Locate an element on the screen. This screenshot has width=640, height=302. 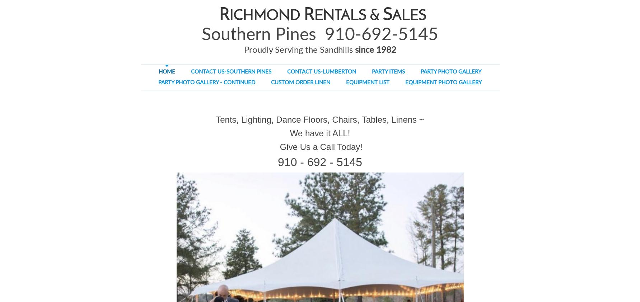
'Tents, Lighting, Dance Floors, Chairs, Tables, Linens ~' is located at coordinates (319, 119).